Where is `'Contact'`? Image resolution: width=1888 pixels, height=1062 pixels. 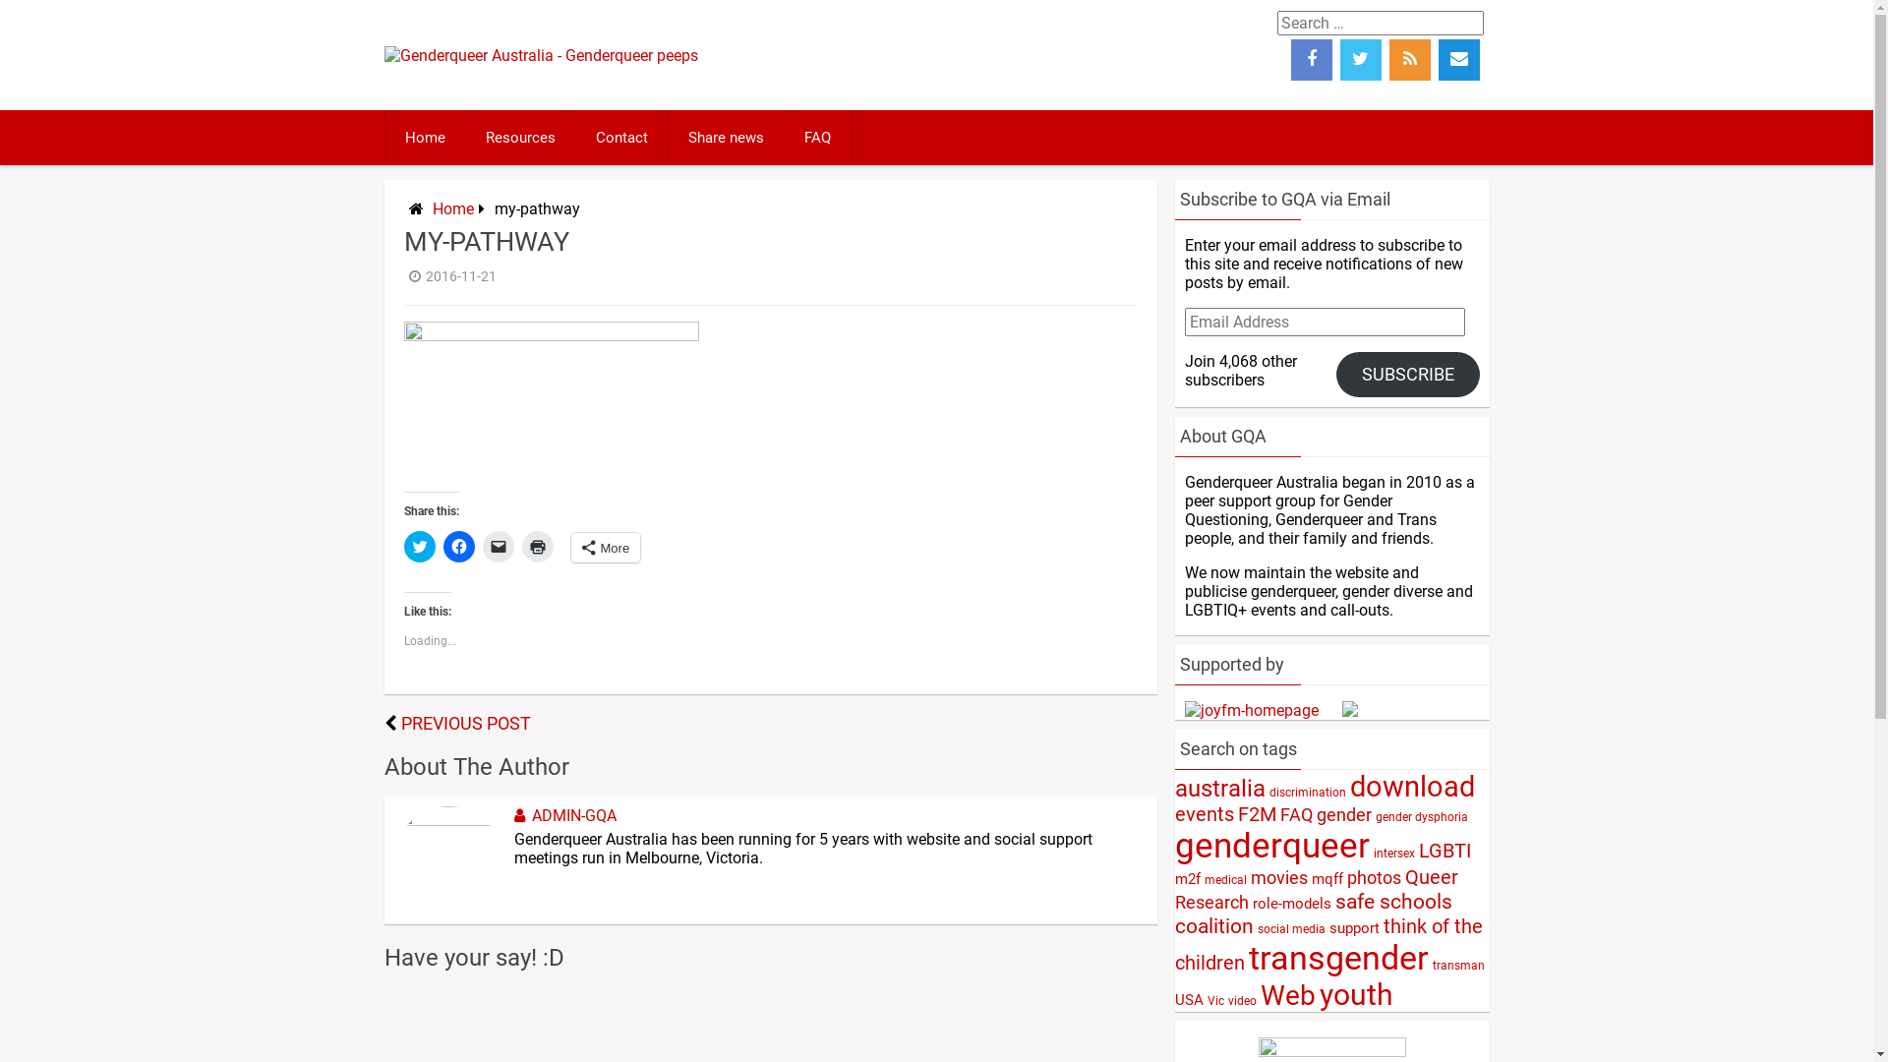
'Contact' is located at coordinates (620, 136).